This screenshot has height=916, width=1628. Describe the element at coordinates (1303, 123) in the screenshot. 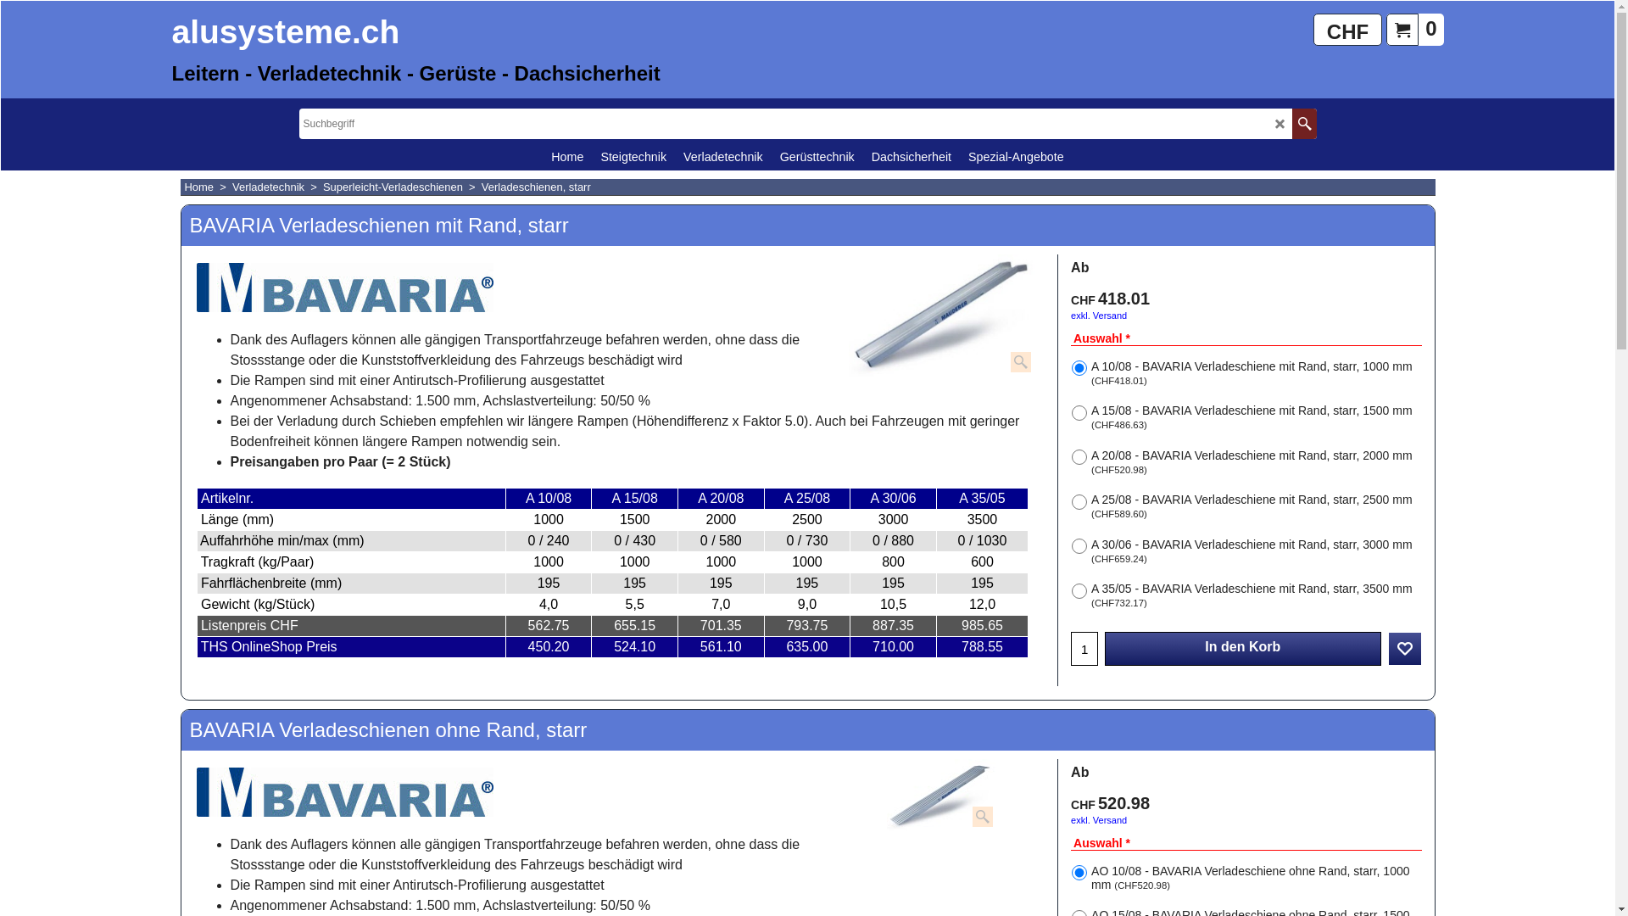

I see `'Suche'` at that location.